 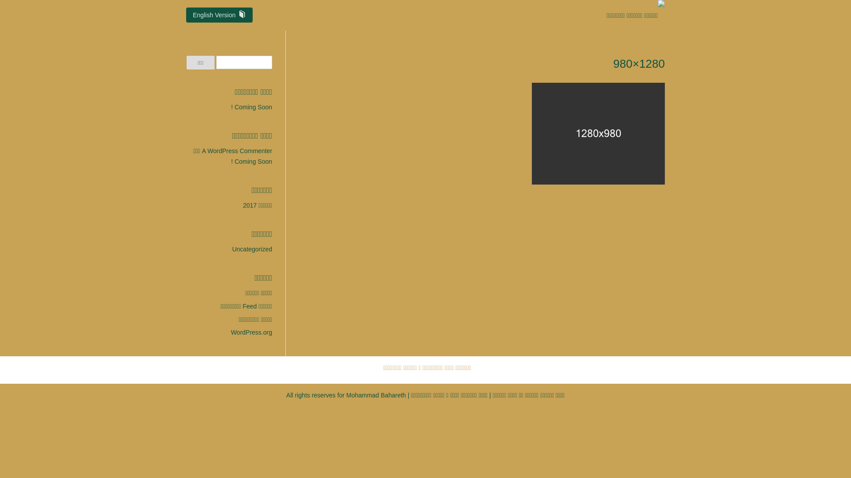 What do you see at coordinates (251, 332) in the screenshot?
I see `'WordPress.org'` at bounding box center [251, 332].